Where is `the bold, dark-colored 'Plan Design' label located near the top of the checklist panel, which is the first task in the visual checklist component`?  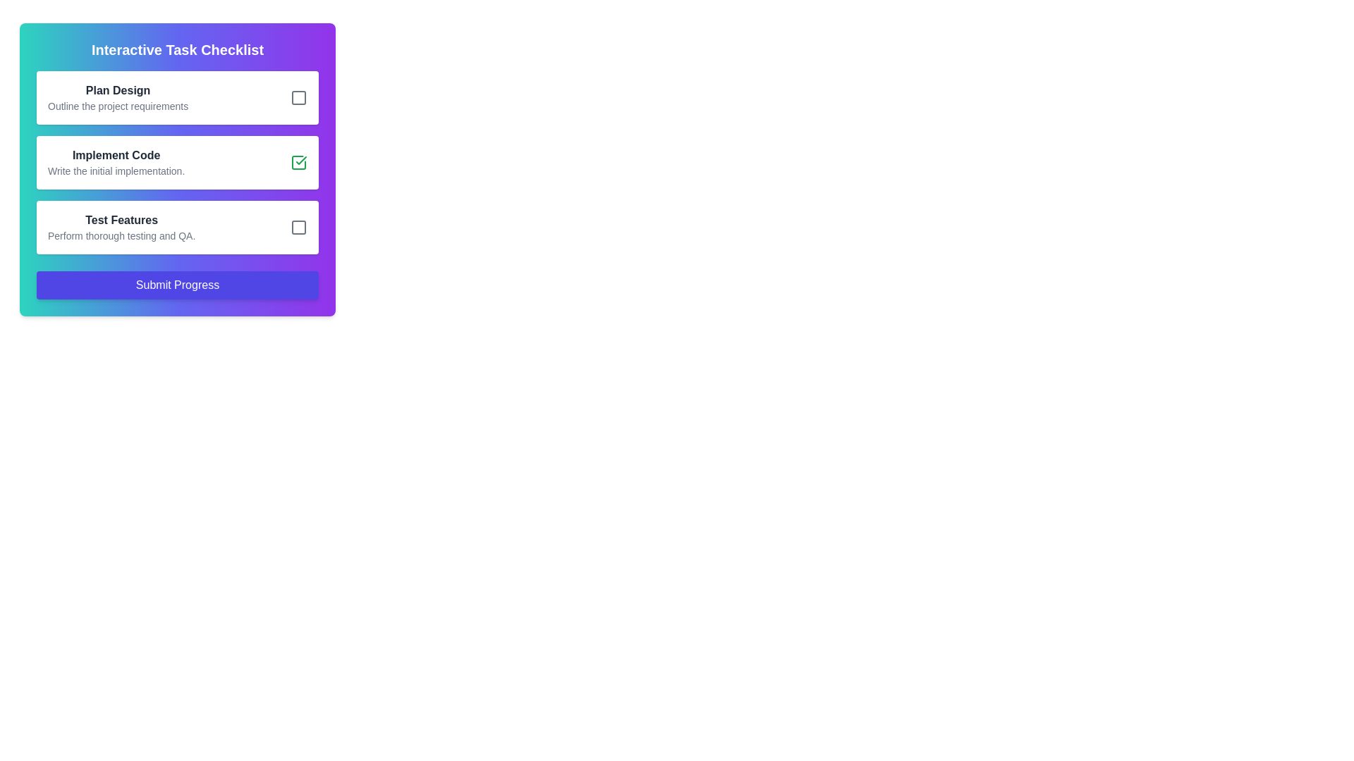
the bold, dark-colored 'Plan Design' label located near the top of the checklist panel, which is the first task in the visual checklist component is located at coordinates (118, 90).